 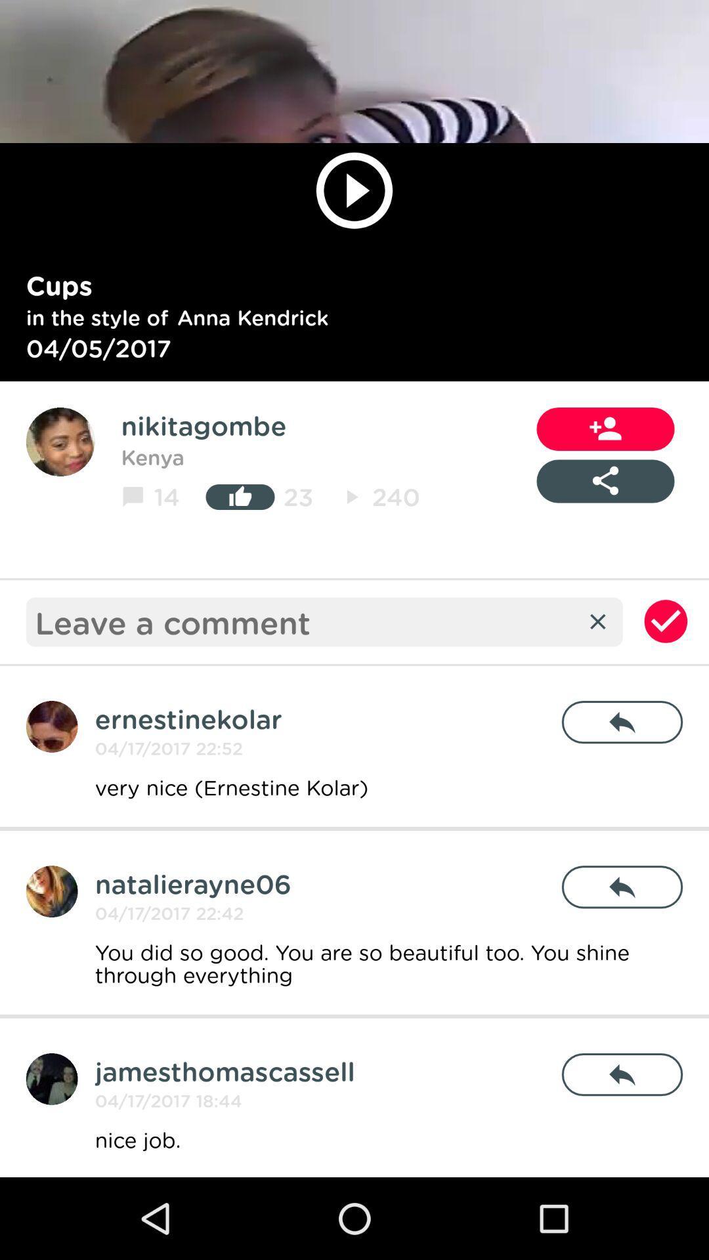 What do you see at coordinates (224, 1071) in the screenshot?
I see `the item above the 04 17 2017 icon` at bounding box center [224, 1071].